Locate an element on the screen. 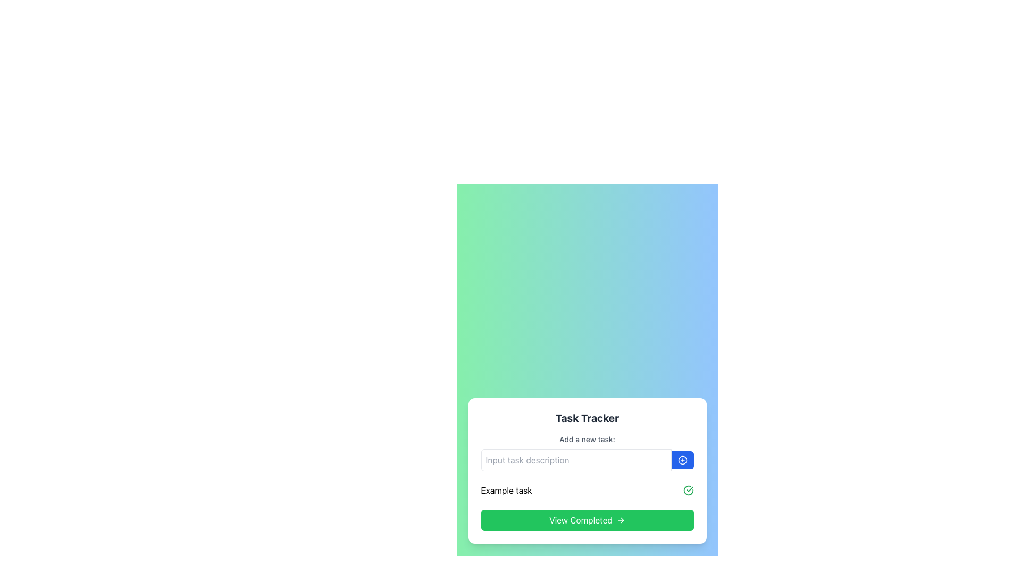  the right-pointing arrowhead graphic within the icon located under the 'View Completed' button is located at coordinates (622, 520).